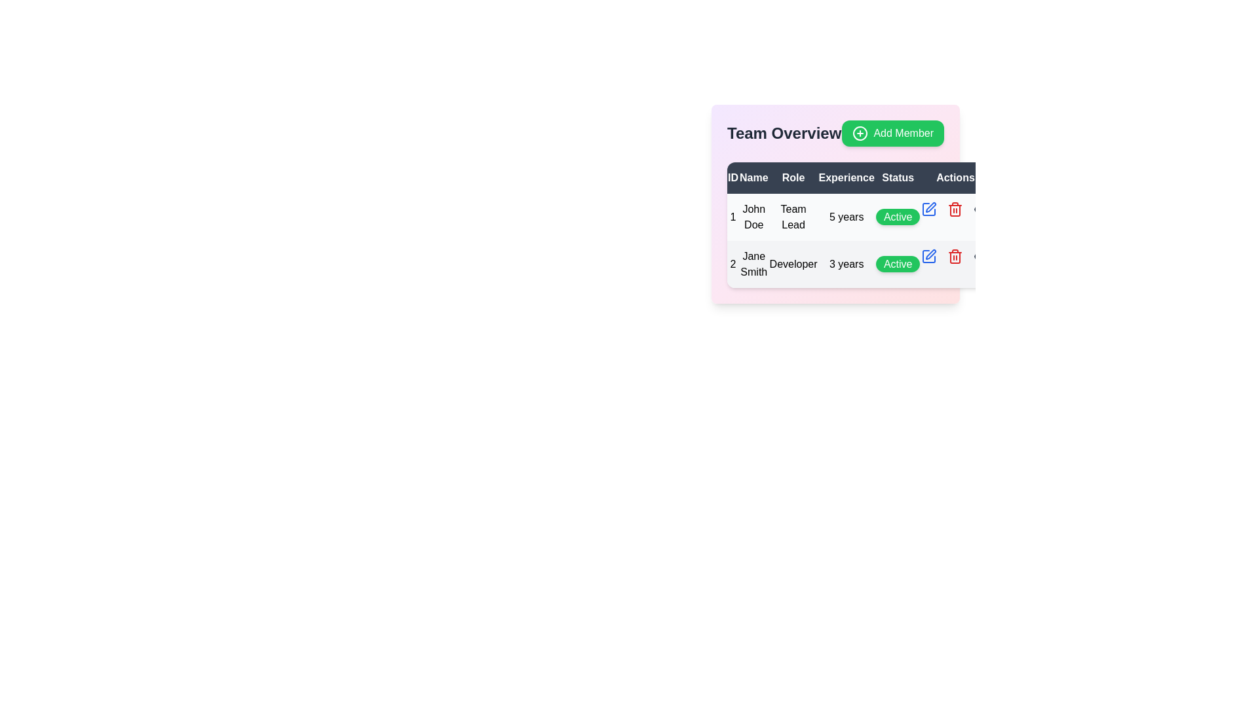 The height and width of the screenshot is (707, 1258). Describe the element at coordinates (732, 178) in the screenshot. I see `the Header Label for the 'ID' column in the table, located at the top-left corner of the table layout` at that location.